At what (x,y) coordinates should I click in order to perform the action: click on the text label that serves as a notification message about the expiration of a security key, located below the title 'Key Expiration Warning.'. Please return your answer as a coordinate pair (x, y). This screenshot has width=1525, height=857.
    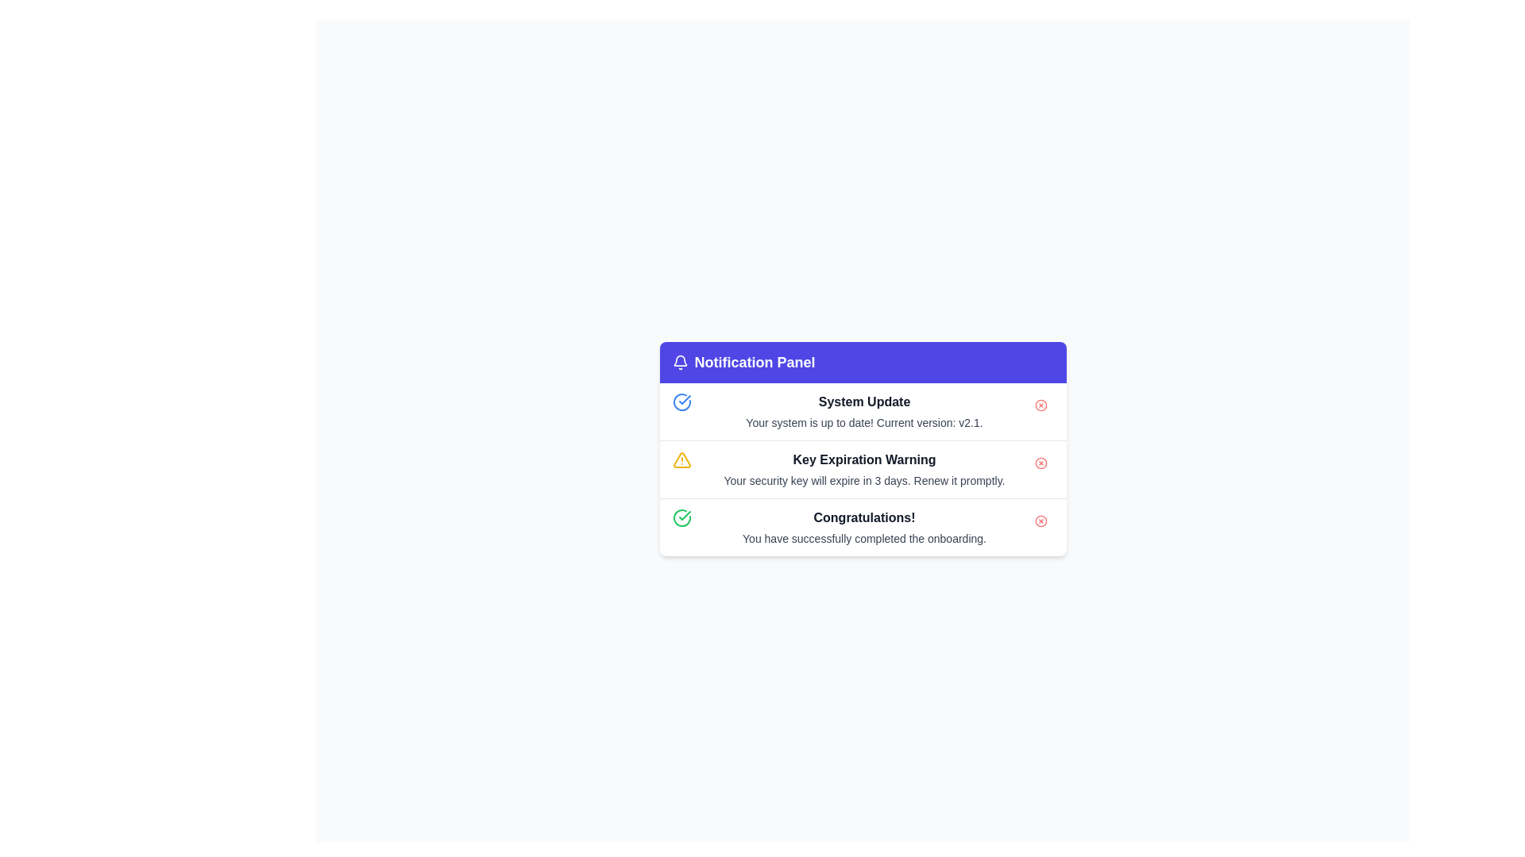
    Looking at the image, I should click on (863, 479).